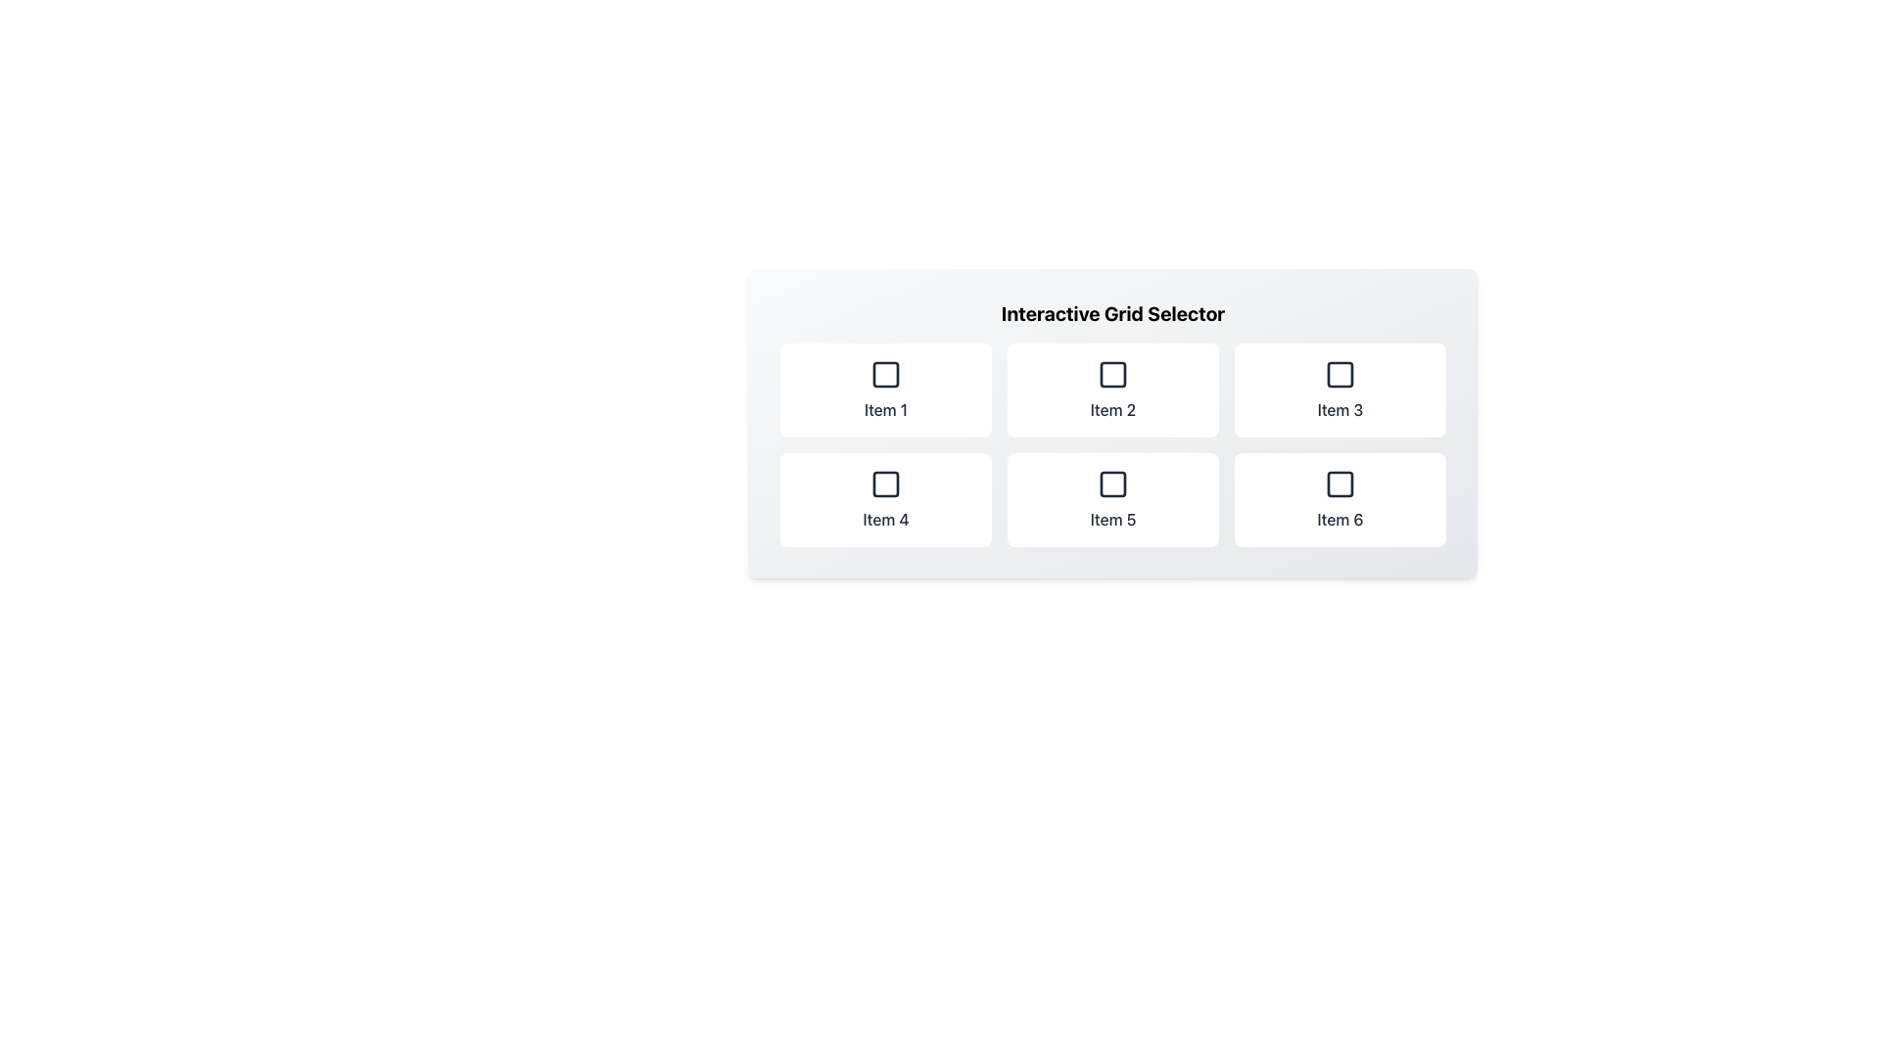  Describe the element at coordinates (885, 390) in the screenshot. I see `the selectable item button located at the top-left corner of the 'Interactive Grid Selector' grid layout` at that location.